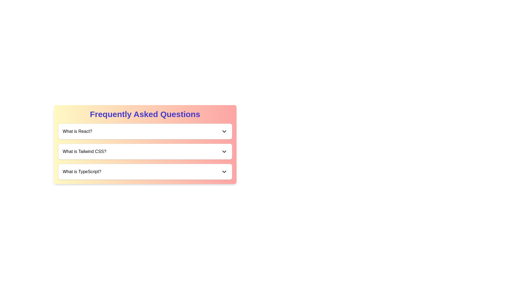 The width and height of the screenshot is (522, 294). What do you see at coordinates (145, 172) in the screenshot?
I see `the Accordion Header that contains the text 'What is TypeScript?'` at bounding box center [145, 172].